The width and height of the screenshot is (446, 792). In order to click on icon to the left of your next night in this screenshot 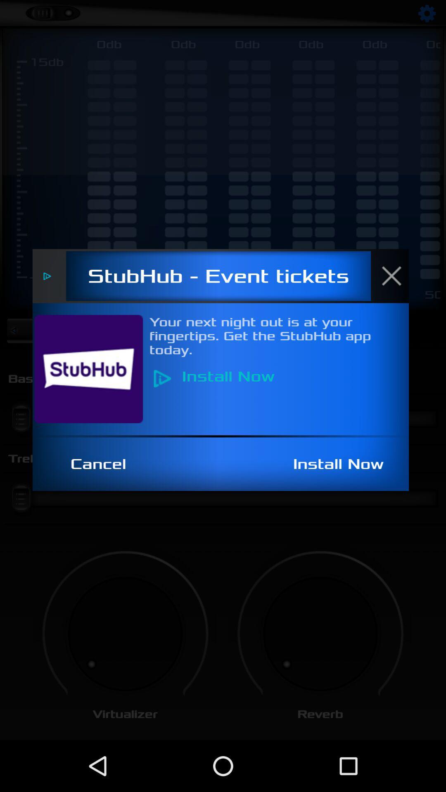, I will do `click(93, 368)`.